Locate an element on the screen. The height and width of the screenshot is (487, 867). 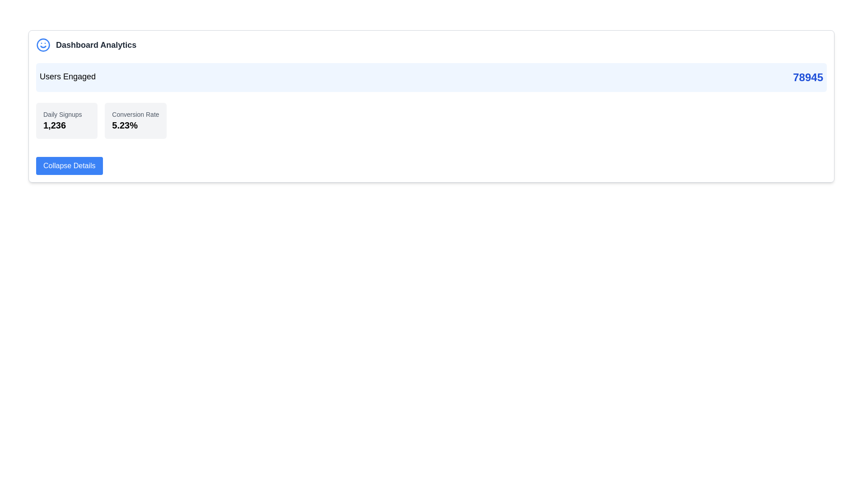
the decorative icon located in the top-left corner of the 'Dashboard Analytics' header section, immediately preceding the text block 'Dashboard Analytics' is located at coordinates (43, 45).